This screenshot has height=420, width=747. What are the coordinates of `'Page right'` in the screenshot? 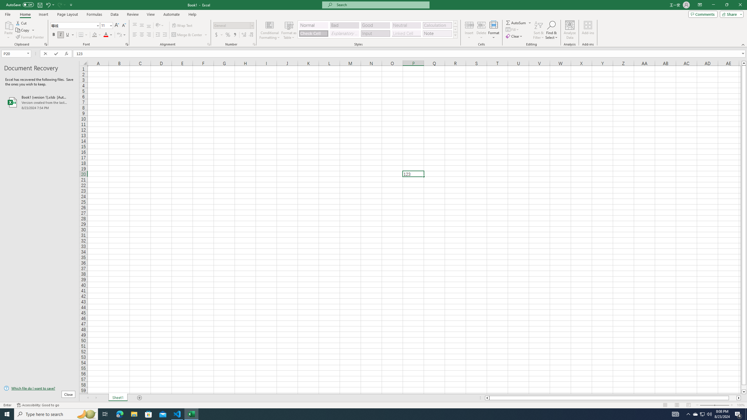 It's located at (733, 398).